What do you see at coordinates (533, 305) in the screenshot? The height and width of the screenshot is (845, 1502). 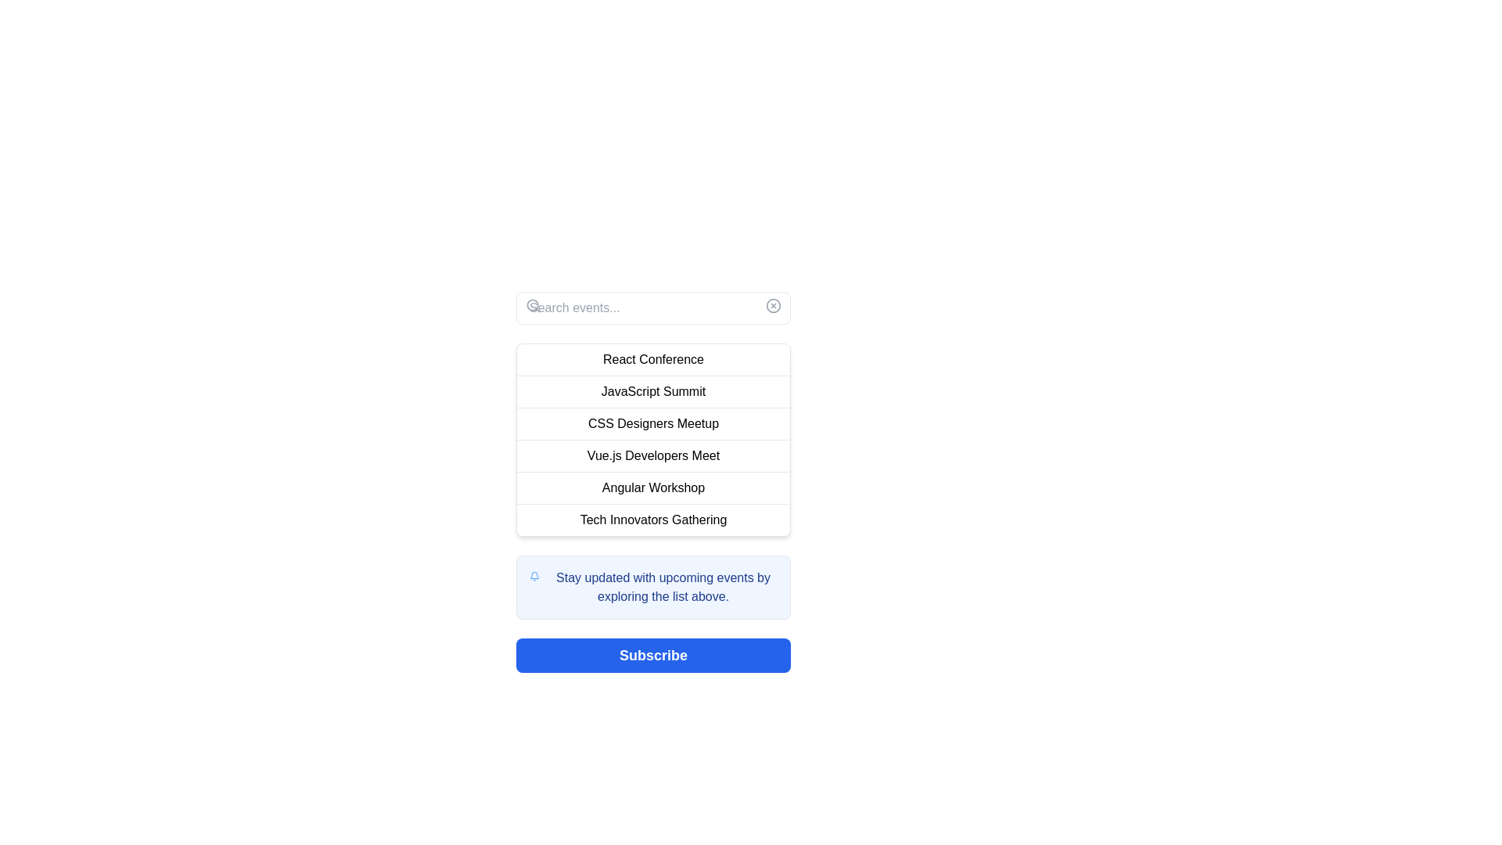 I see `the circular part of the search icon located on the left side of the search bar at the top-center of the layout` at bounding box center [533, 305].